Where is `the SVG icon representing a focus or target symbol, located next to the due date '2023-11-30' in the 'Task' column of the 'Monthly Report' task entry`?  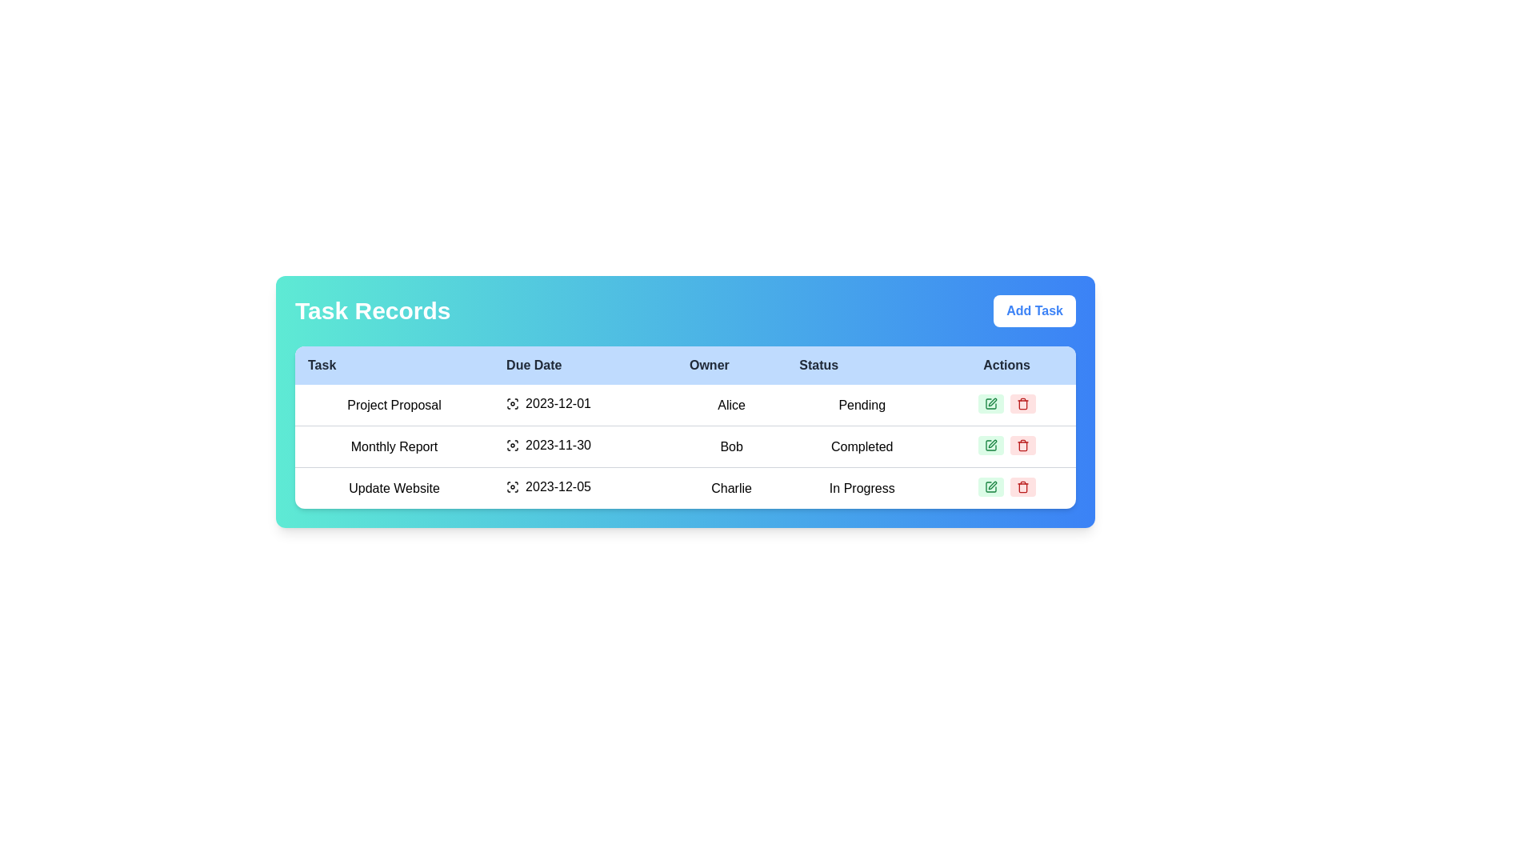
the SVG icon representing a focus or target symbol, located next to the due date '2023-11-30' in the 'Task' column of the 'Monthly Report' task entry is located at coordinates (513, 445).